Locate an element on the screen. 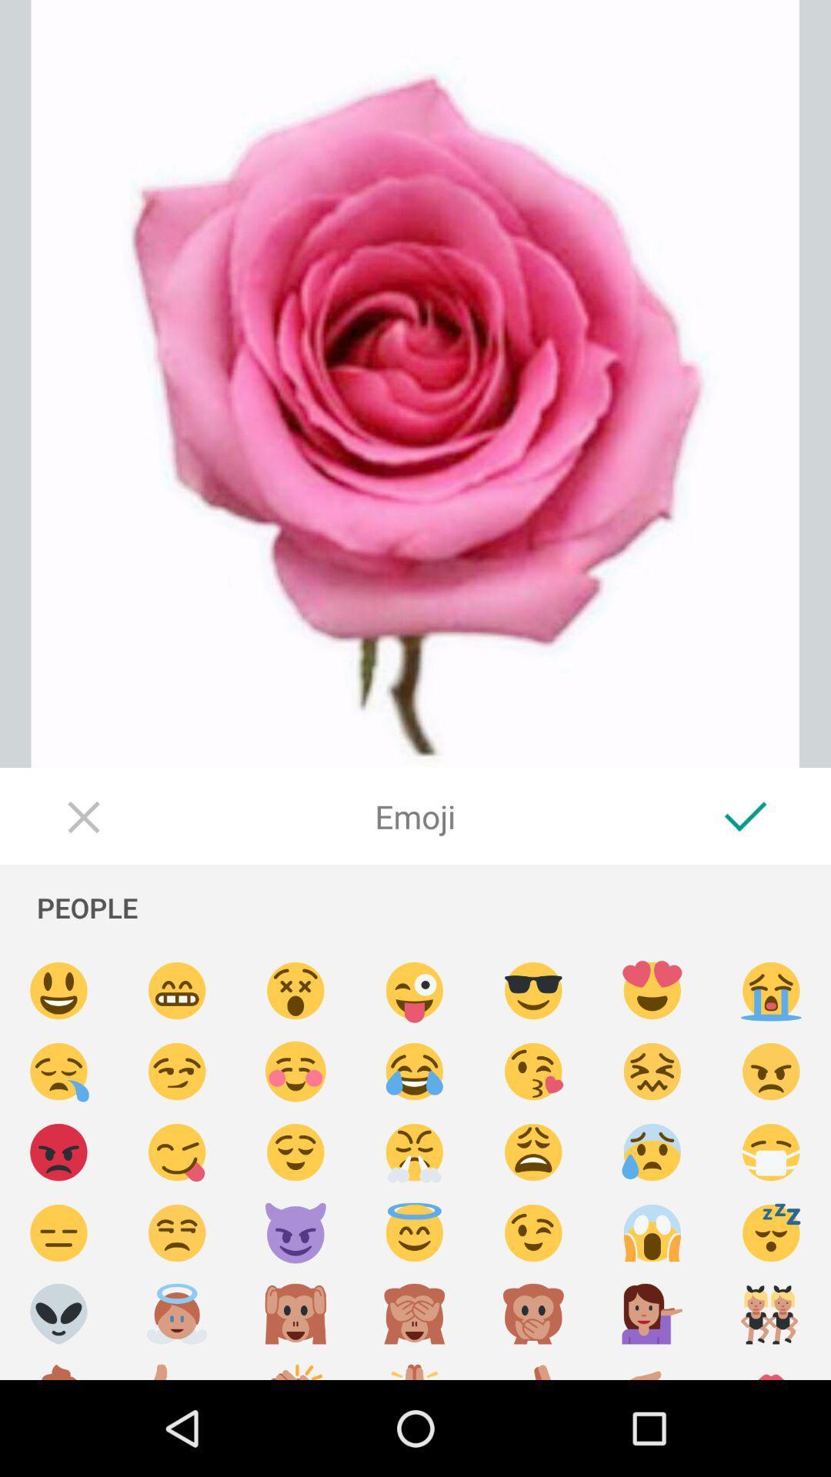 This screenshot has height=1477, width=831. angel emoji is located at coordinates (414, 1233).